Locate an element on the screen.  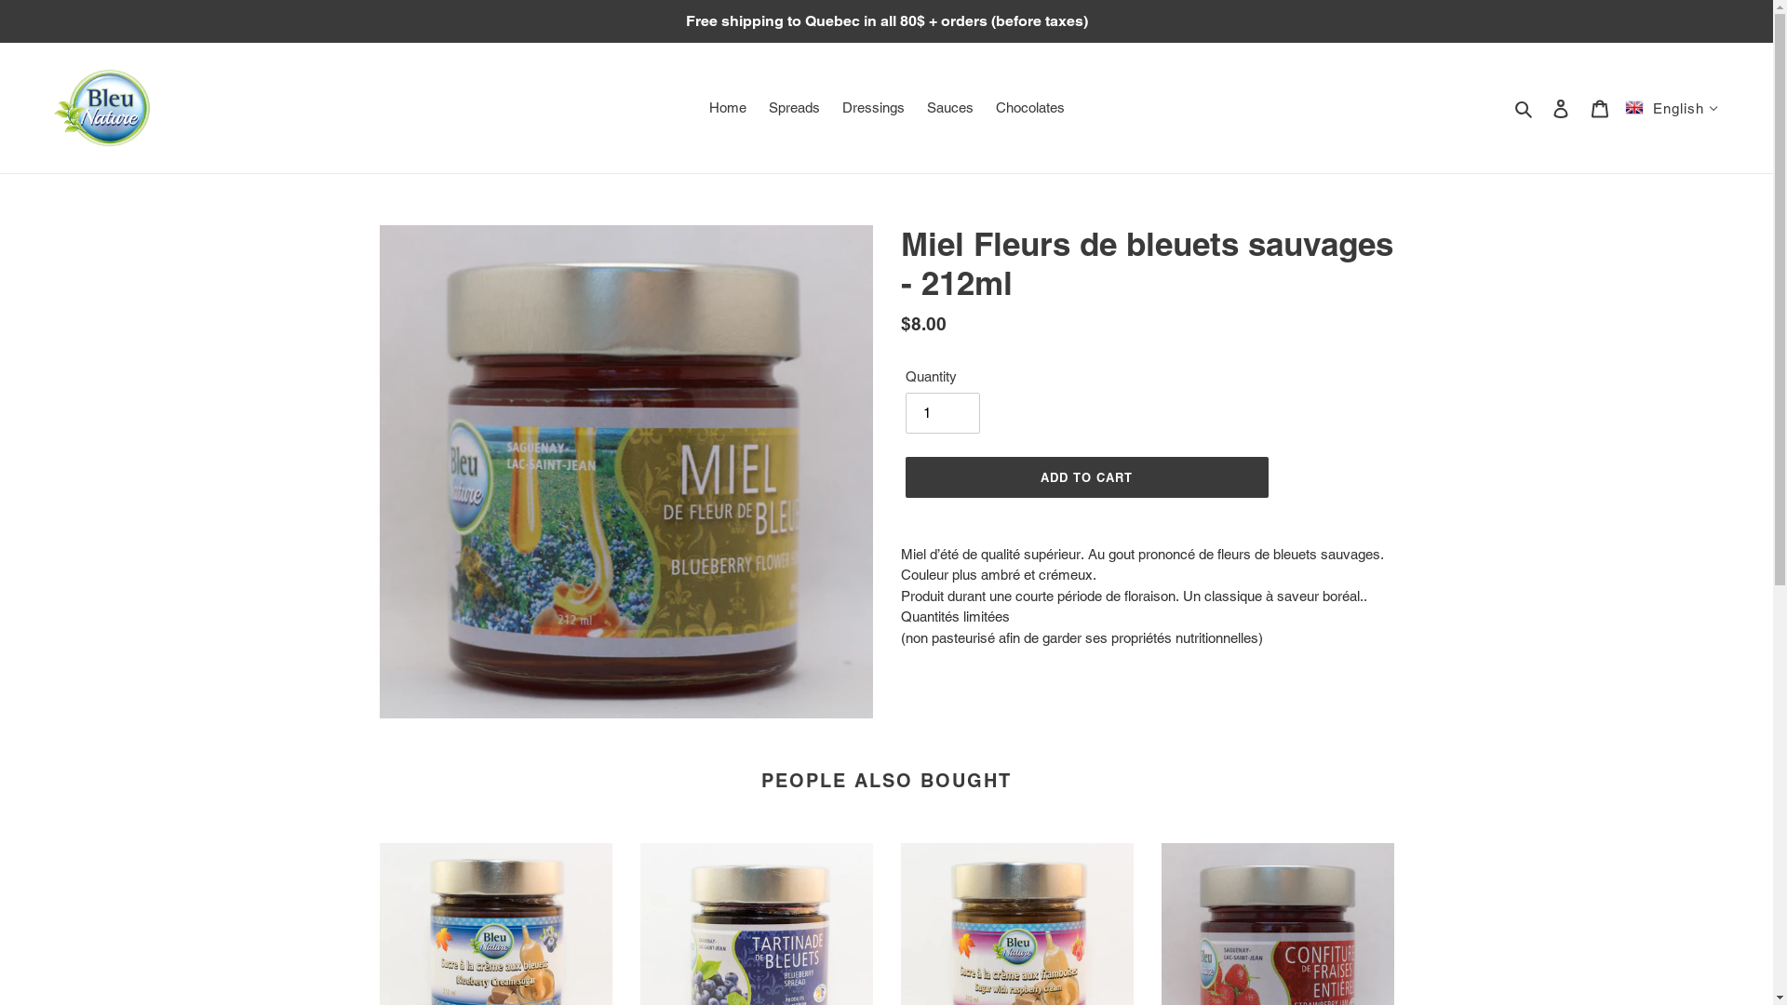
'Dressings' is located at coordinates (830, 108).